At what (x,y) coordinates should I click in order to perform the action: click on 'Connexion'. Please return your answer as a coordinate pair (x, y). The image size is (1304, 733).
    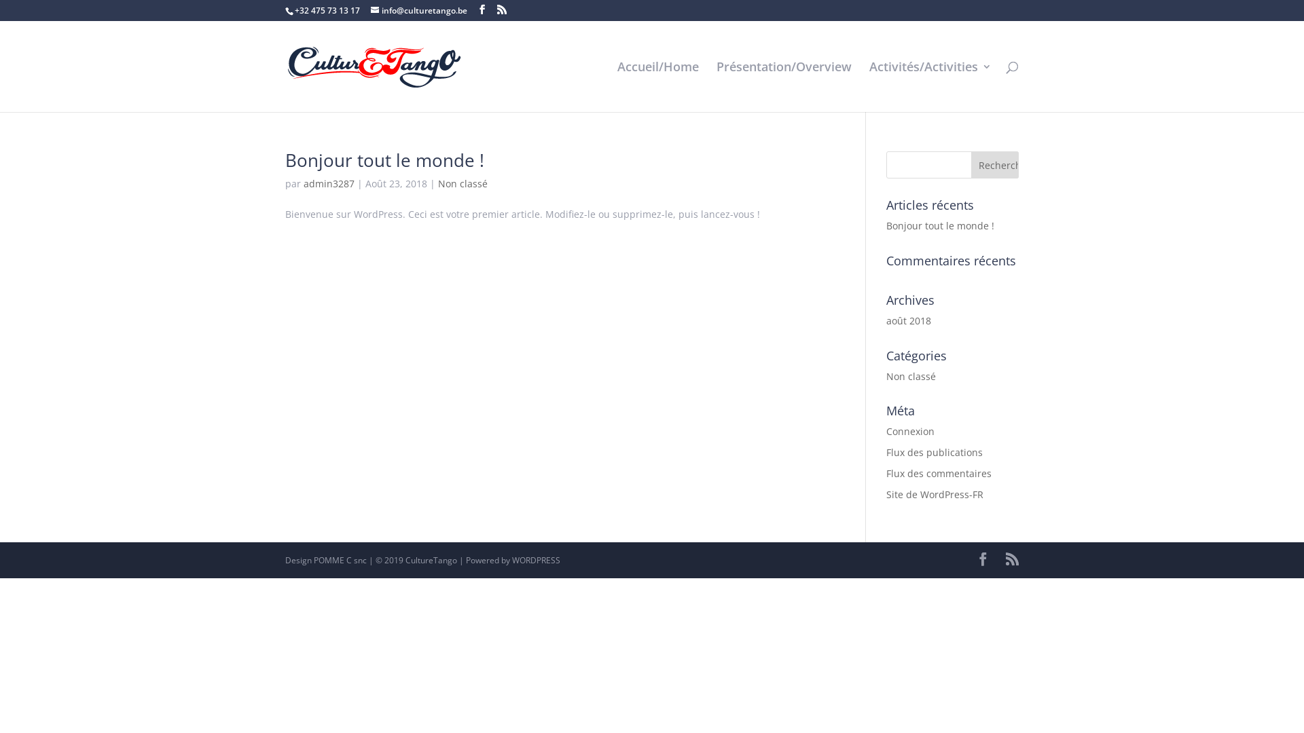
    Looking at the image, I should click on (886, 431).